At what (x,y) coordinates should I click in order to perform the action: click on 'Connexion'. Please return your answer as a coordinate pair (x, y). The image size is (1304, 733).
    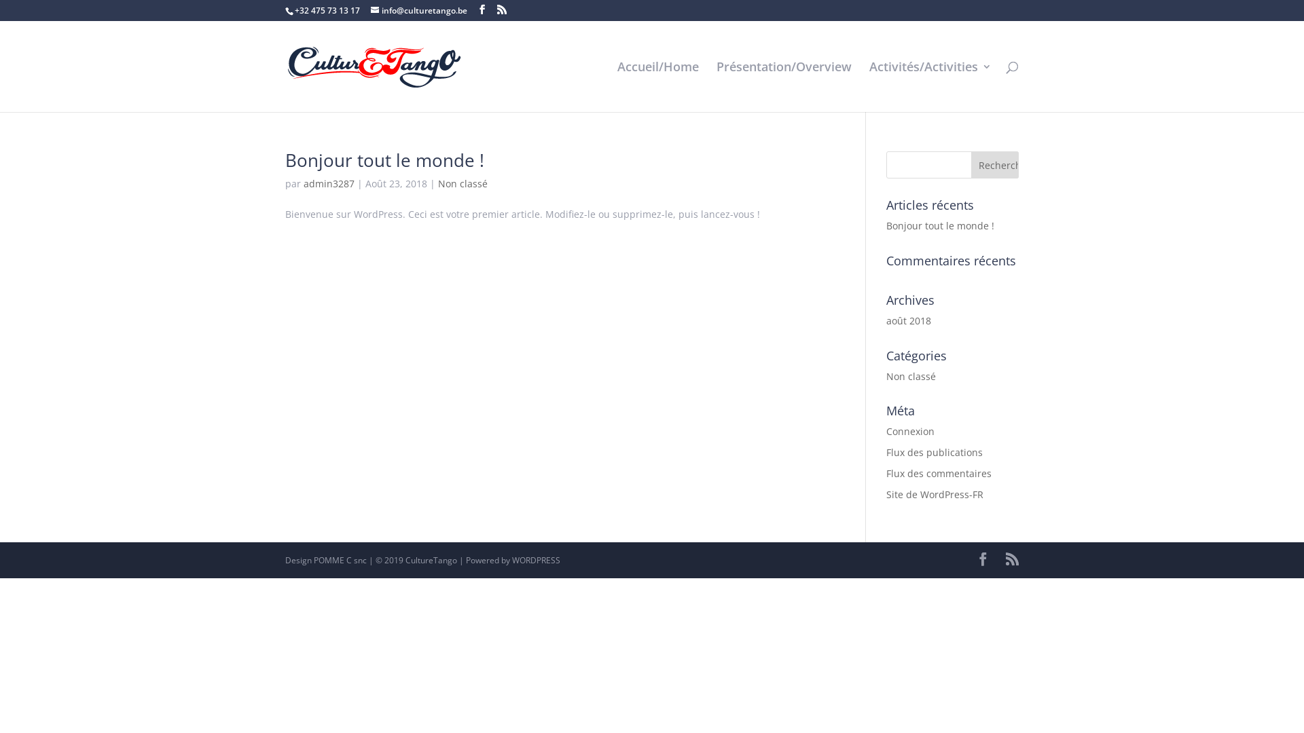
    Looking at the image, I should click on (886, 431).